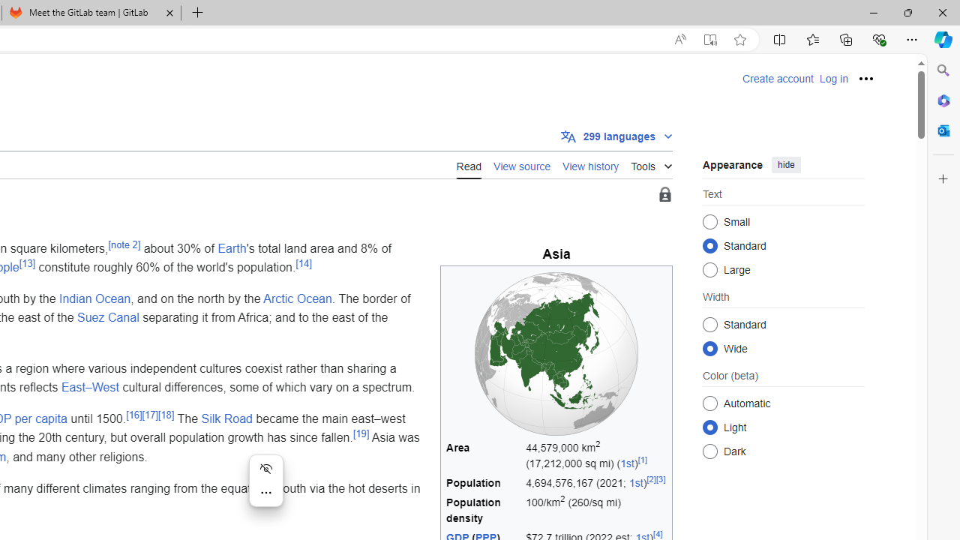 This screenshot has height=540, width=960. What do you see at coordinates (652, 163) in the screenshot?
I see `'Tools'` at bounding box center [652, 163].